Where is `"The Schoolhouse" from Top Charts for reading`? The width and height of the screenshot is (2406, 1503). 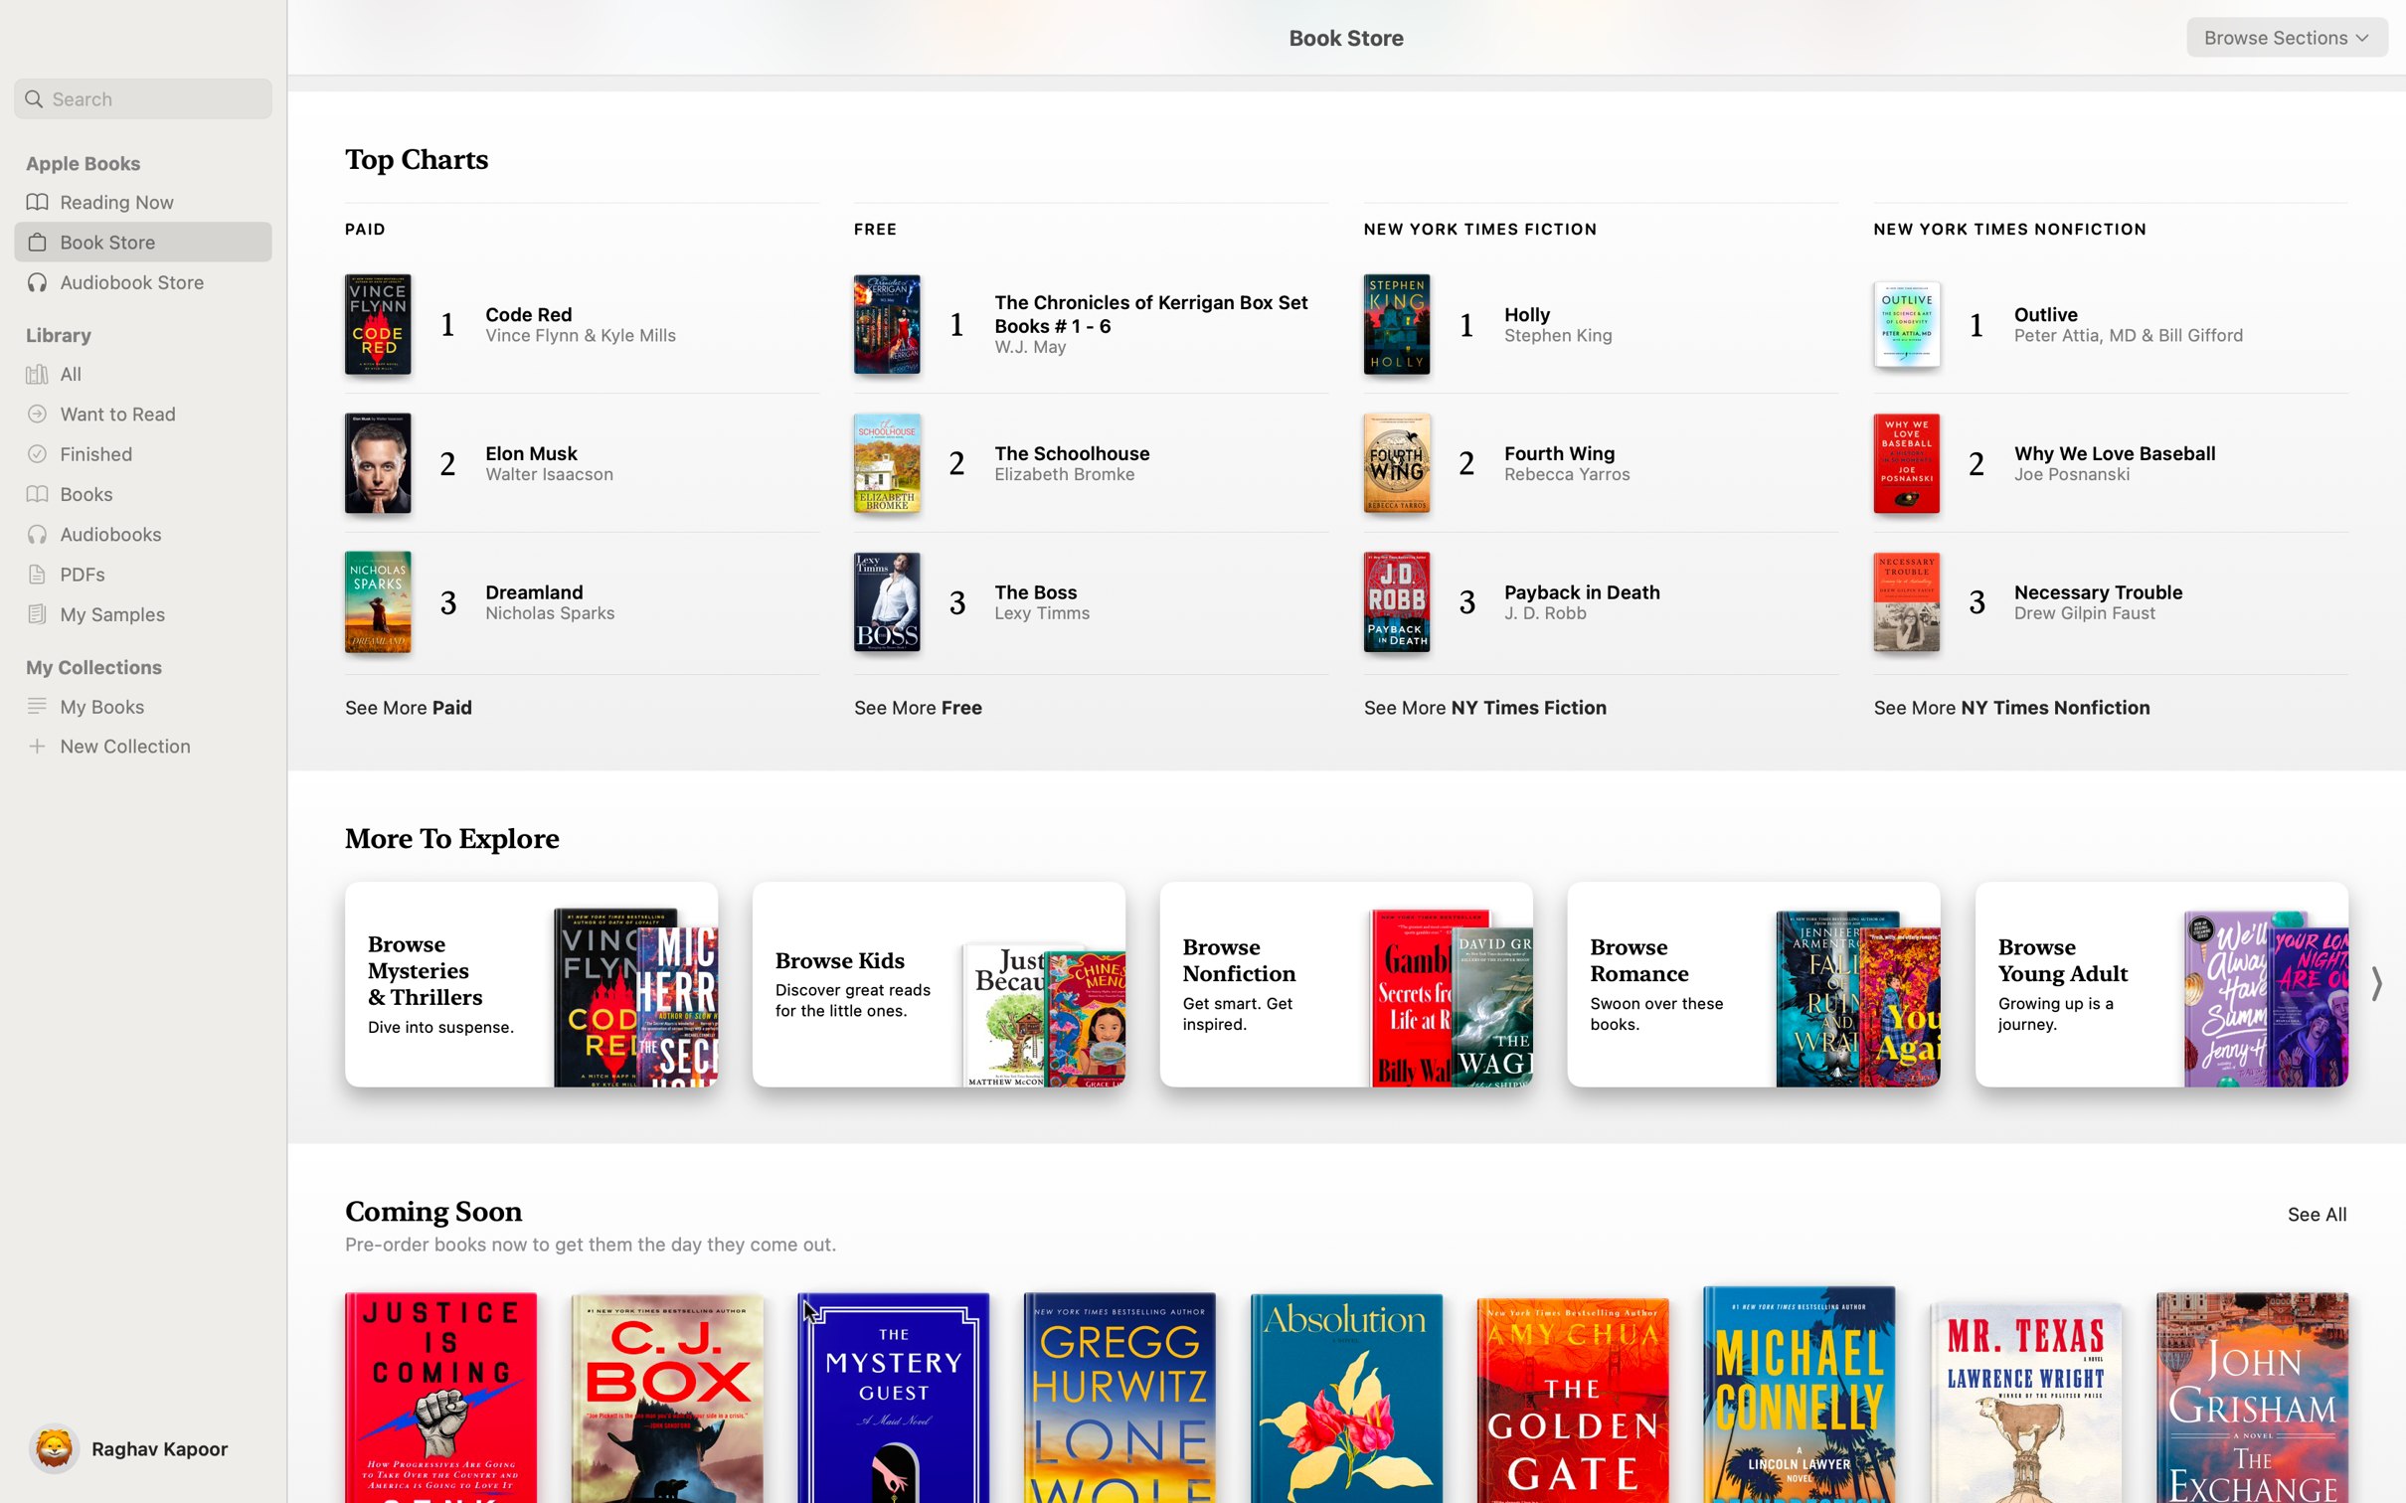
"The Schoolhouse" from Top Charts for reading is located at coordinates (1067, 459).